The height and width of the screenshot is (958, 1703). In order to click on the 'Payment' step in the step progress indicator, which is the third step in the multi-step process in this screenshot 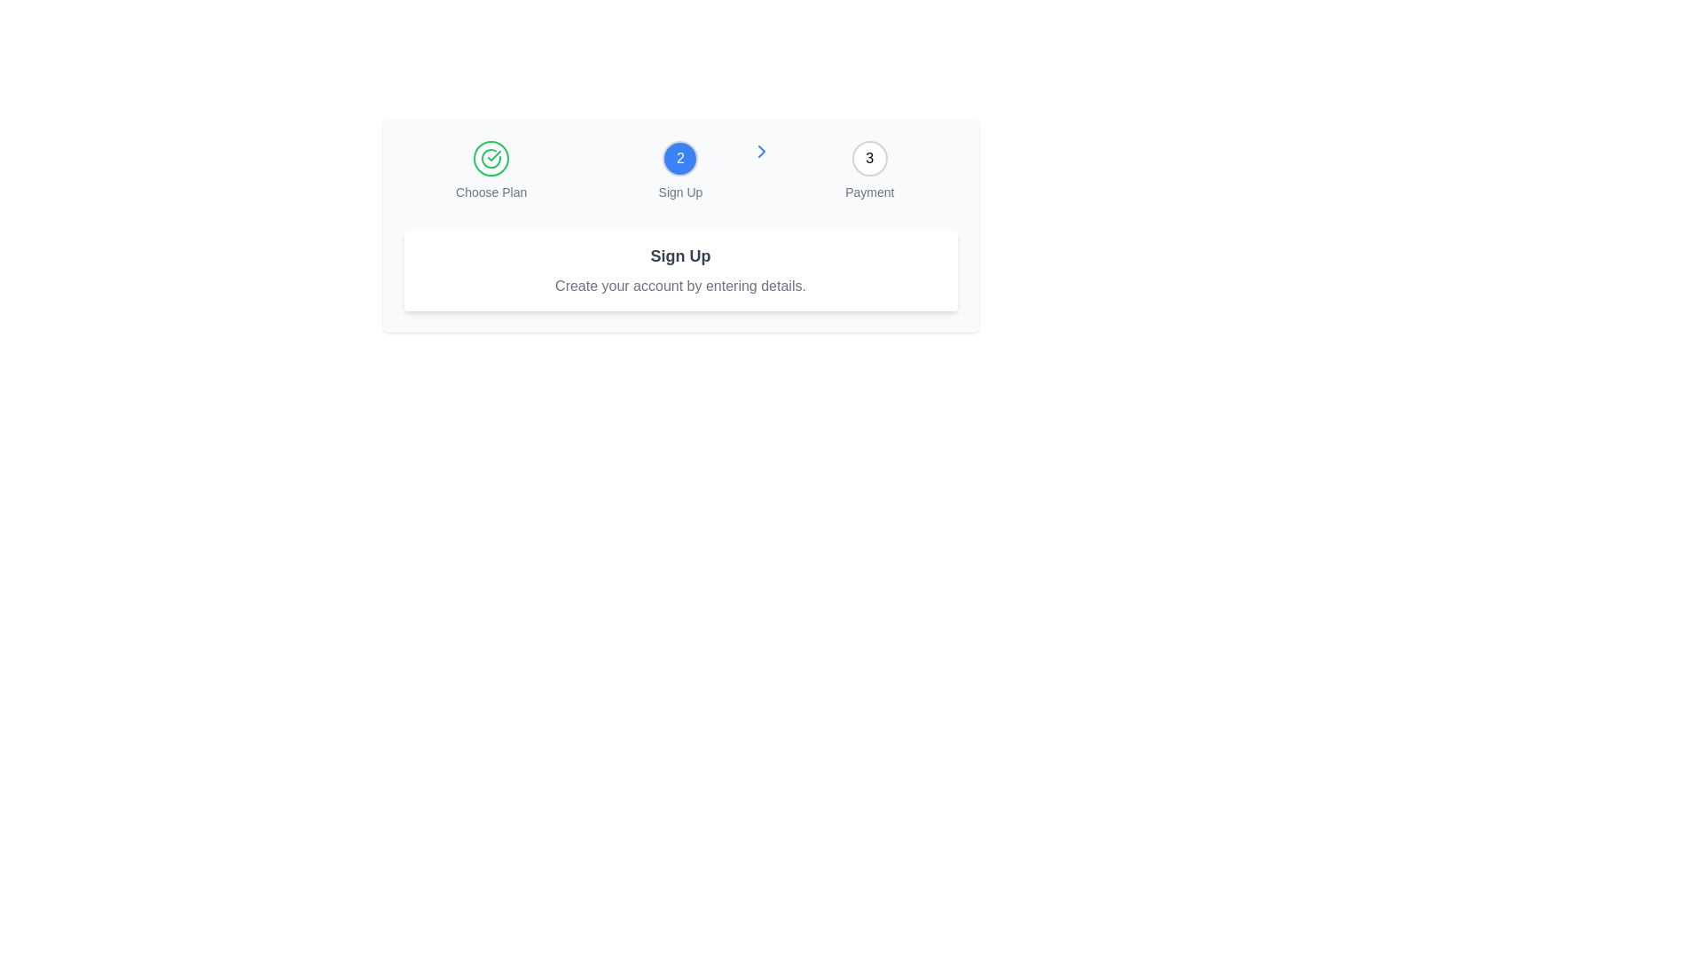, I will do `click(869, 170)`.